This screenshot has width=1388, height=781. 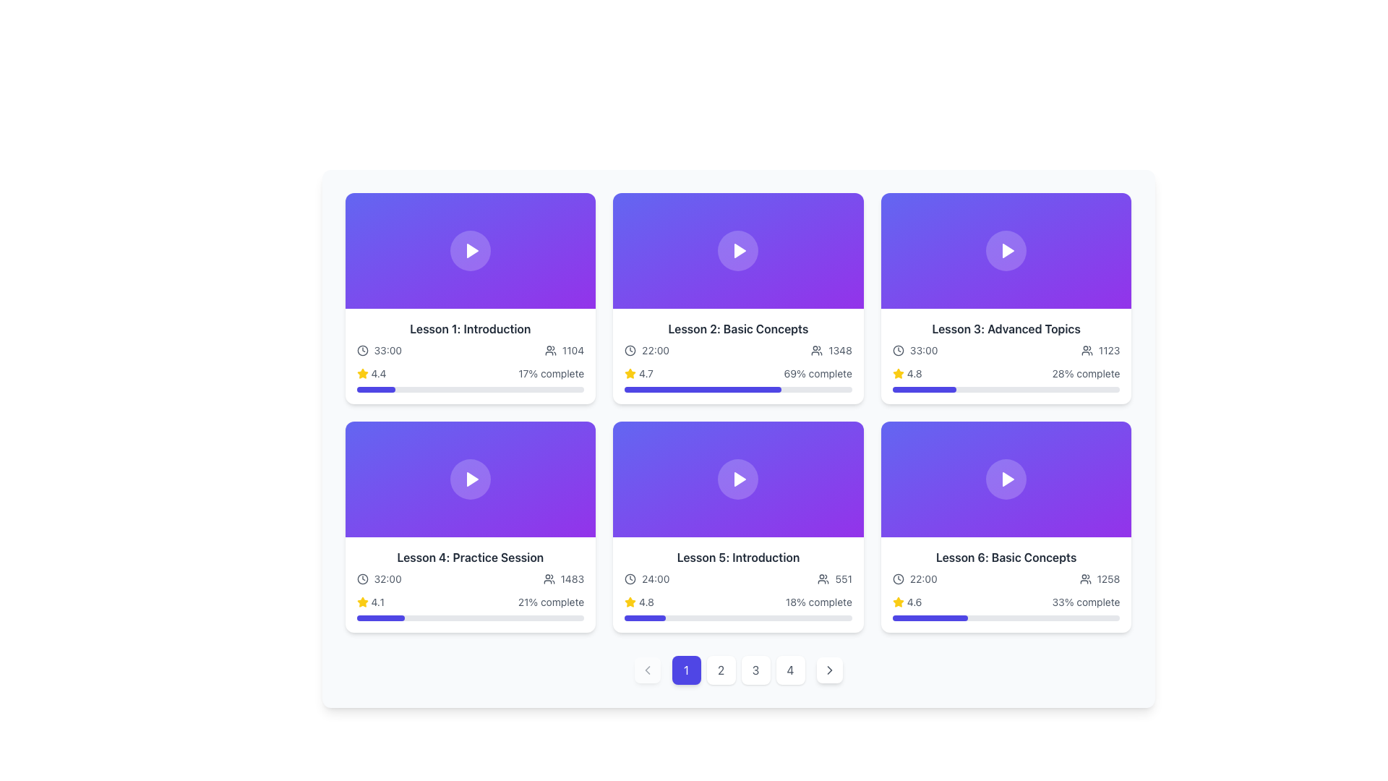 I want to click on the progress indicator for 'Lesson 1: Introduction', which is located below the rating star and above the text '17% complete', so click(x=376, y=389).